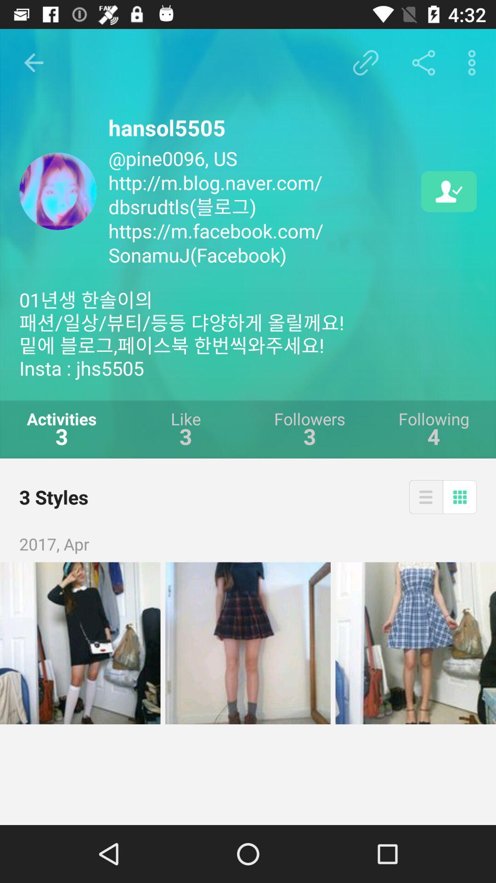 The width and height of the screenshot is (496, 883). I want to click on choose style menu, so click(426, 496).